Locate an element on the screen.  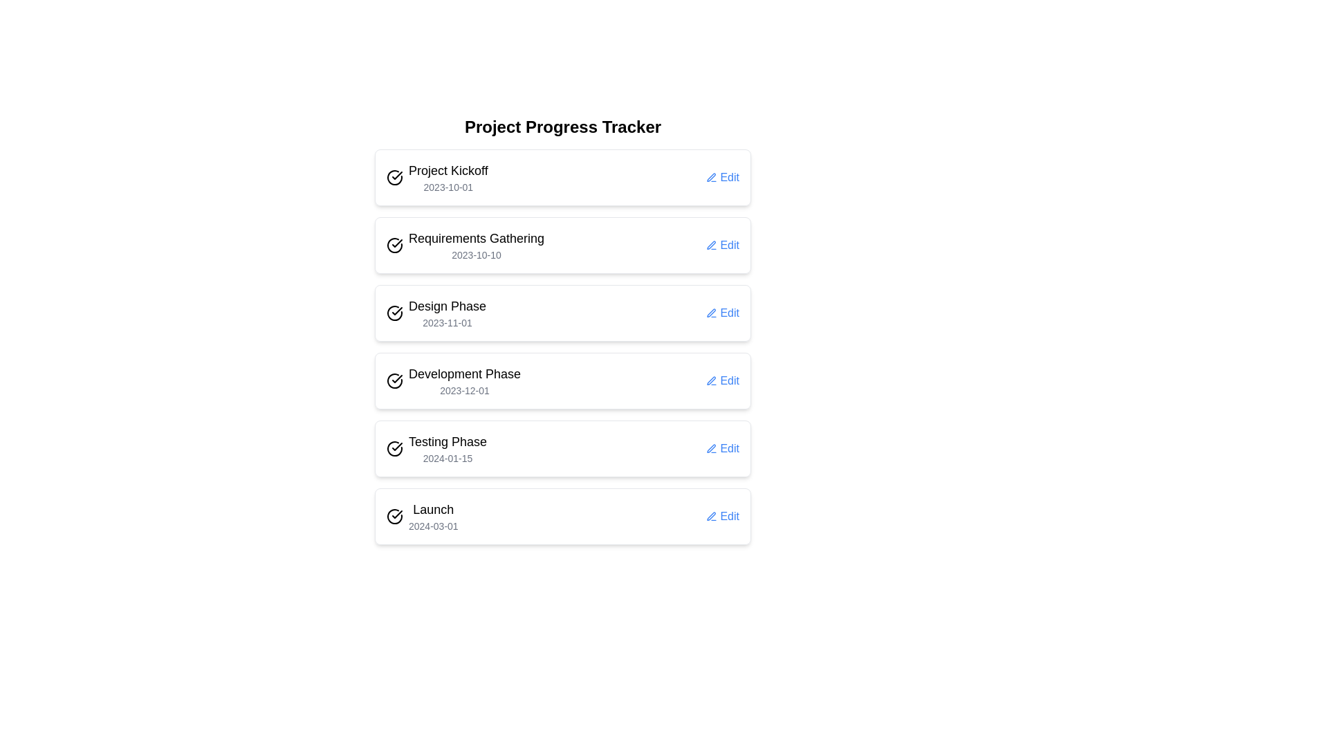
the blue, underlined 'Edit' hyperlink with a pencil icon, located at the far right of the 'Development Phase' section dated '2023-12-01', to initiate the editing process is located at coordinates (722, 381).